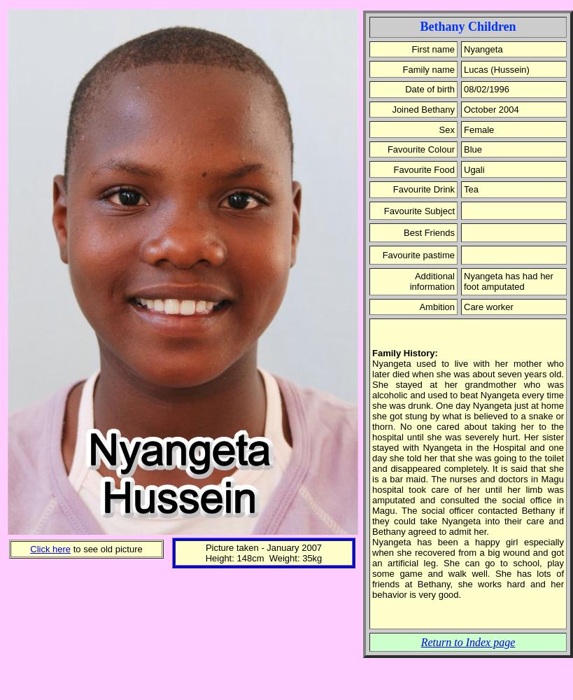 This screenshot has width=573, height=700. I want to click on 'Family name', so click(402, 68).